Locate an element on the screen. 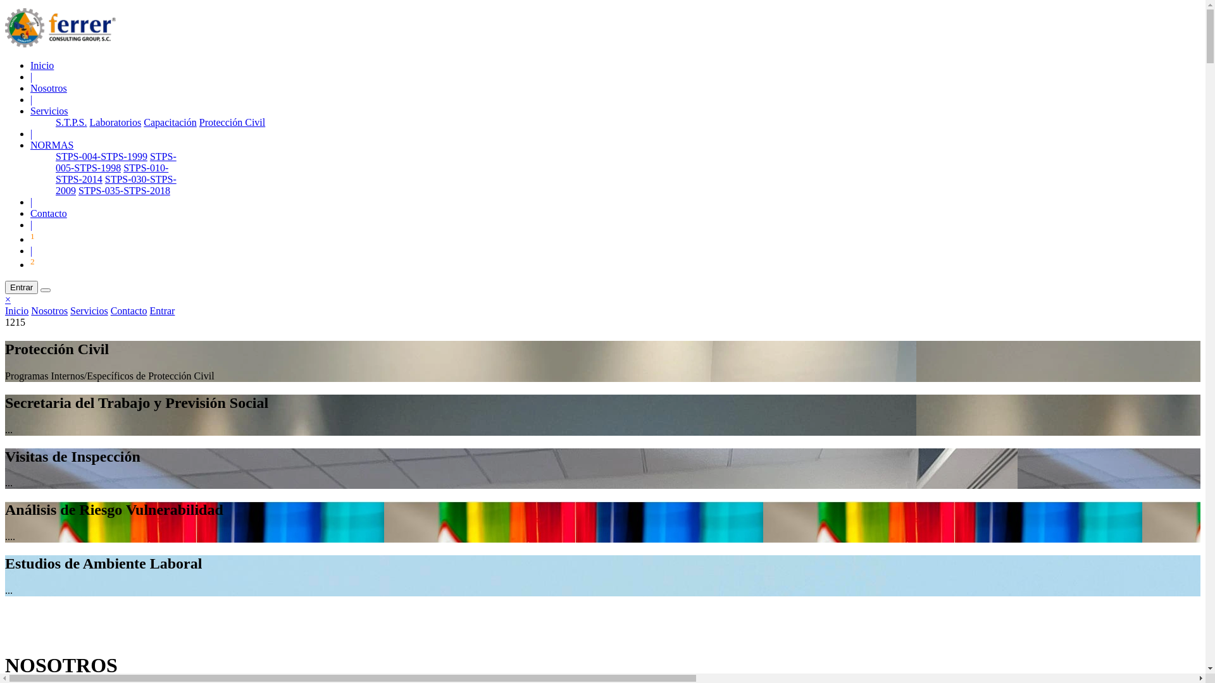 The width and height of the screenshot is (1215, 683). '|' is located at coordinates (31, 77).